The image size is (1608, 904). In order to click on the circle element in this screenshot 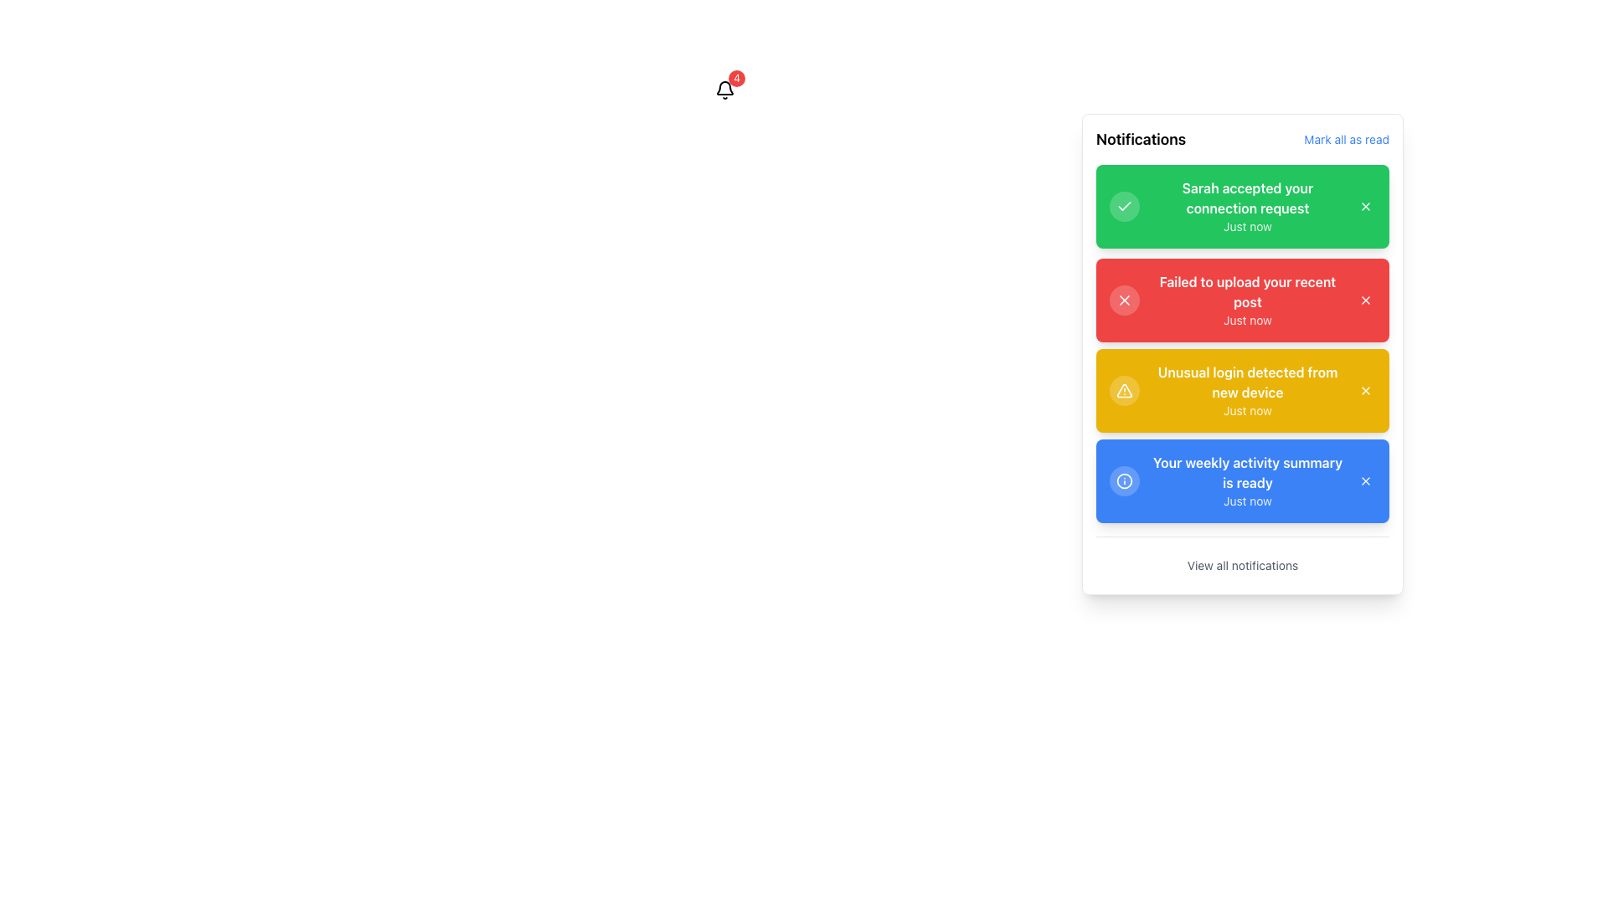, I will do `click(1125, 480)`.